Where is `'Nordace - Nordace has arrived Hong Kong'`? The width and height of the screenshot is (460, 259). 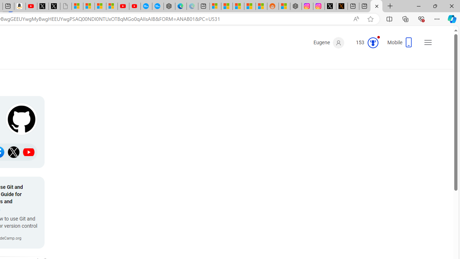
'Nordace - Nordace has arrived Hong Kong' is located at coordinates (169, 6).